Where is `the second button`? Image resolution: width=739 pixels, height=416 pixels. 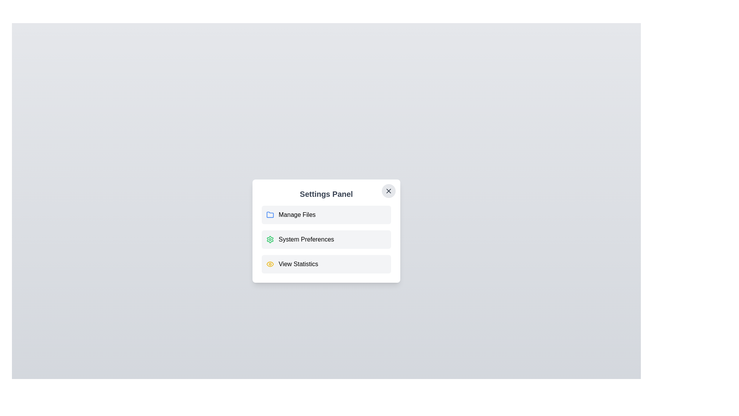
the second button is located at coordinates (326, 231).